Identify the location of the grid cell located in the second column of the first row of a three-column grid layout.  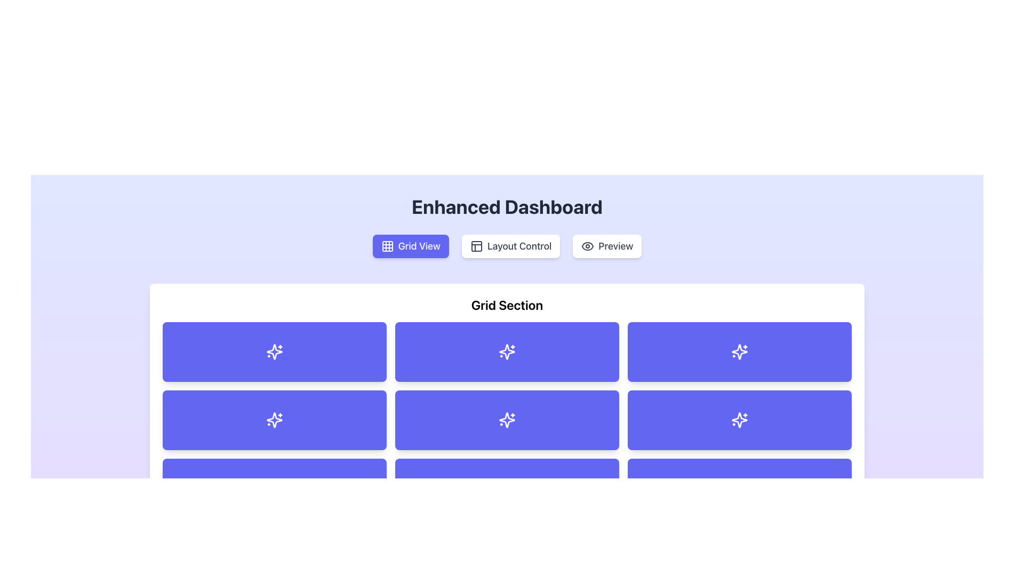
(506, 351).